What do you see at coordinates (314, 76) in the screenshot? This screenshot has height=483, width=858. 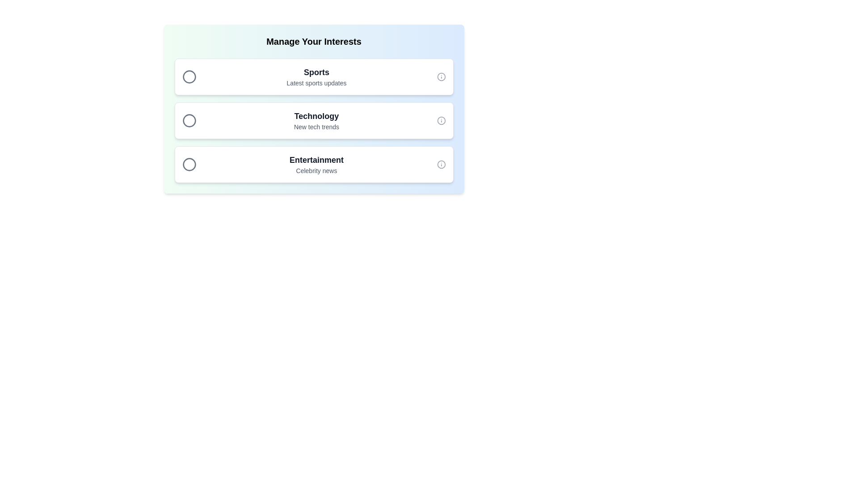 I see `the chip item labeled Sports to observe the visual feedback` at bounding box center [314, 76].